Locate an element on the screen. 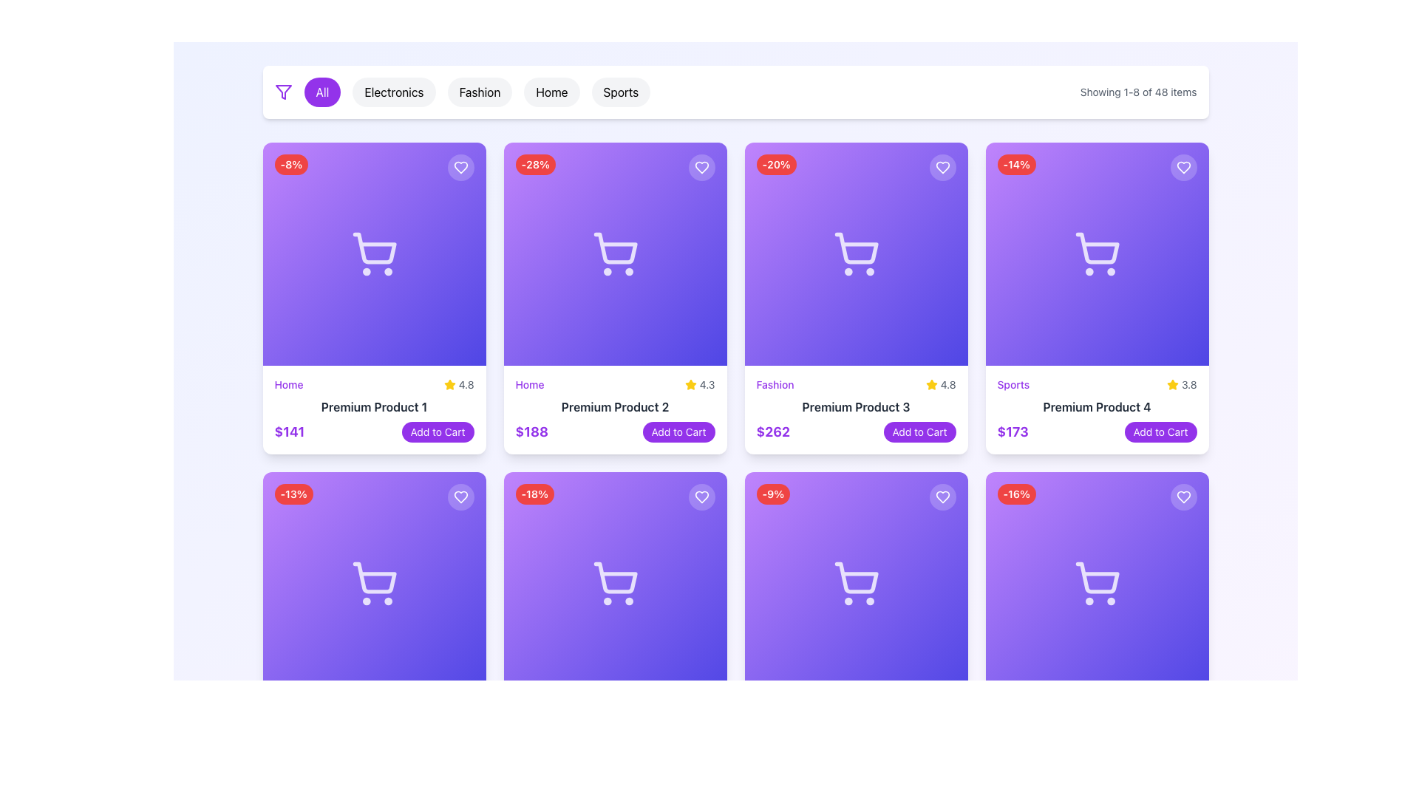 The image size is (1419, 798). the label displaying 'Premium Product 4' which is located in the fourth product card of the topmost row, below the description 'Sports' and the rating '3.8' is located at coordinates (1097, 407).